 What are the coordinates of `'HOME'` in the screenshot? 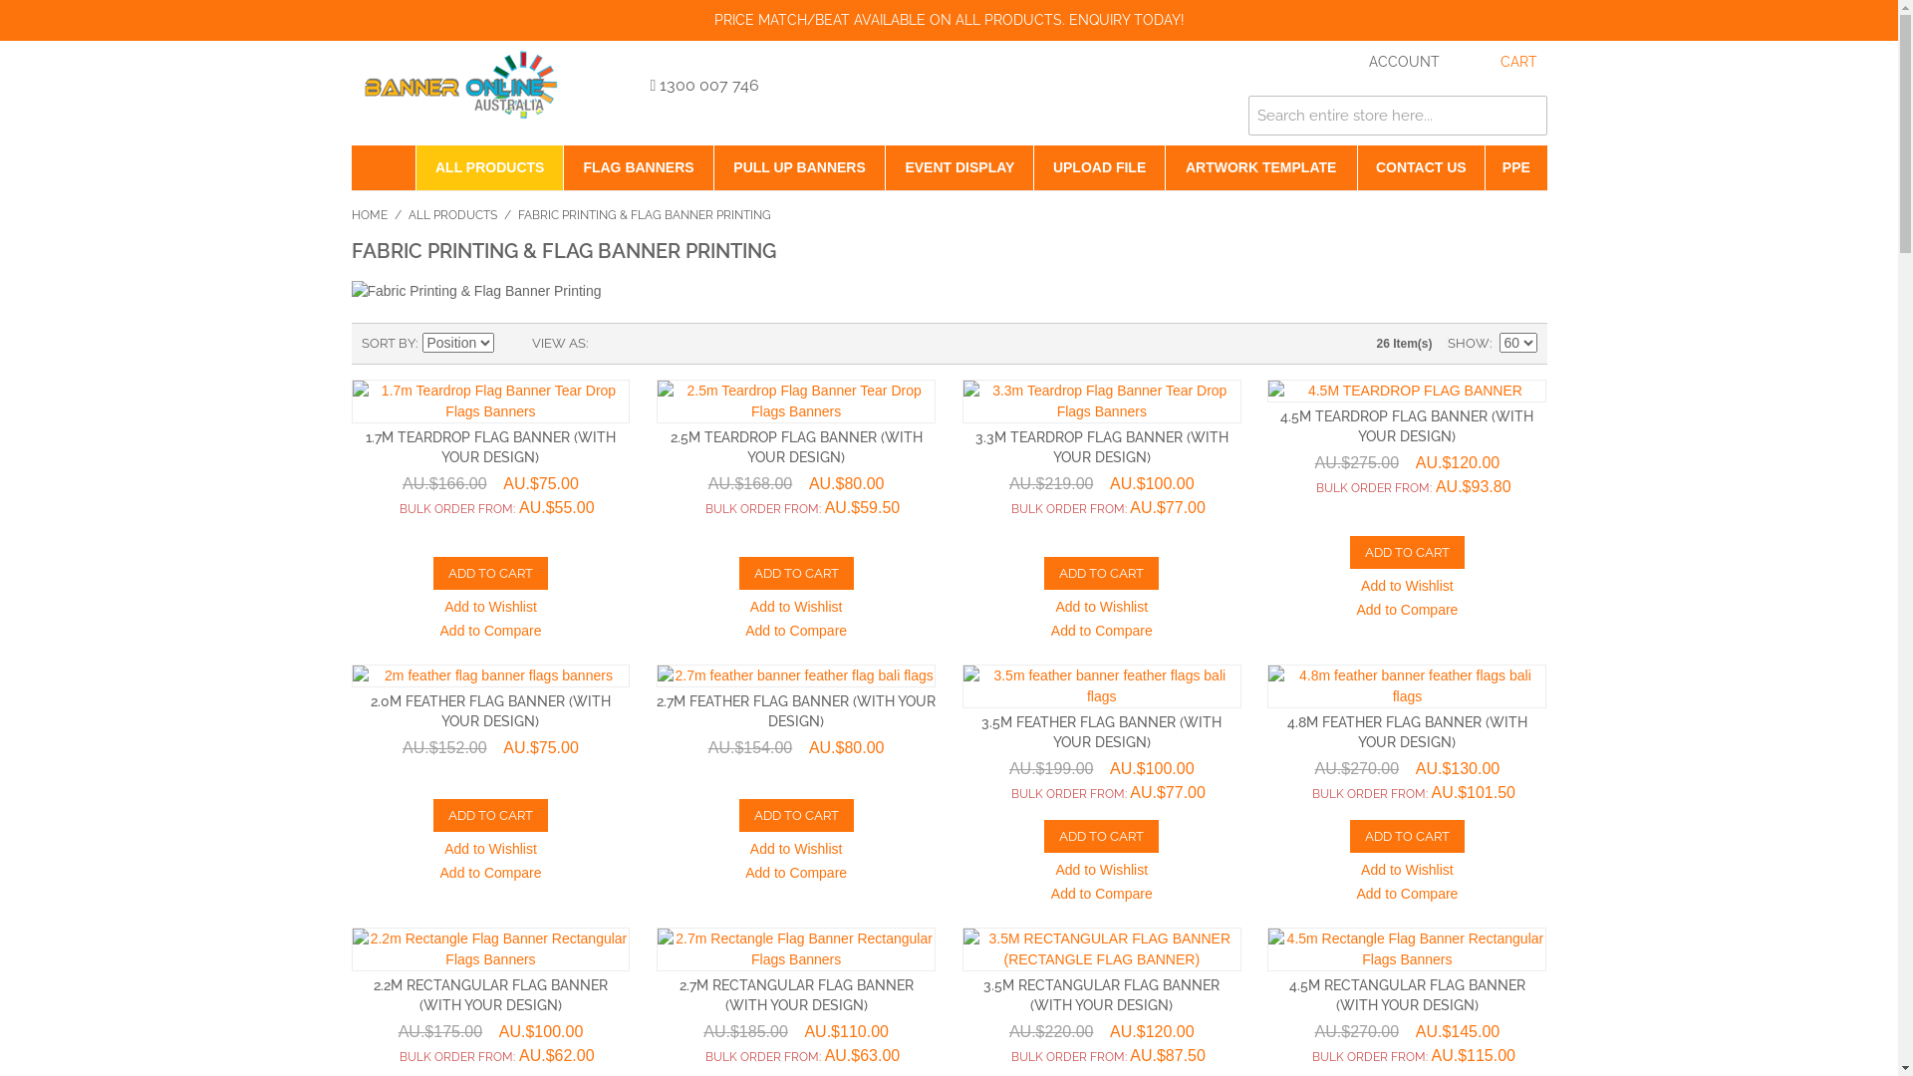 It's located at (368, 215).